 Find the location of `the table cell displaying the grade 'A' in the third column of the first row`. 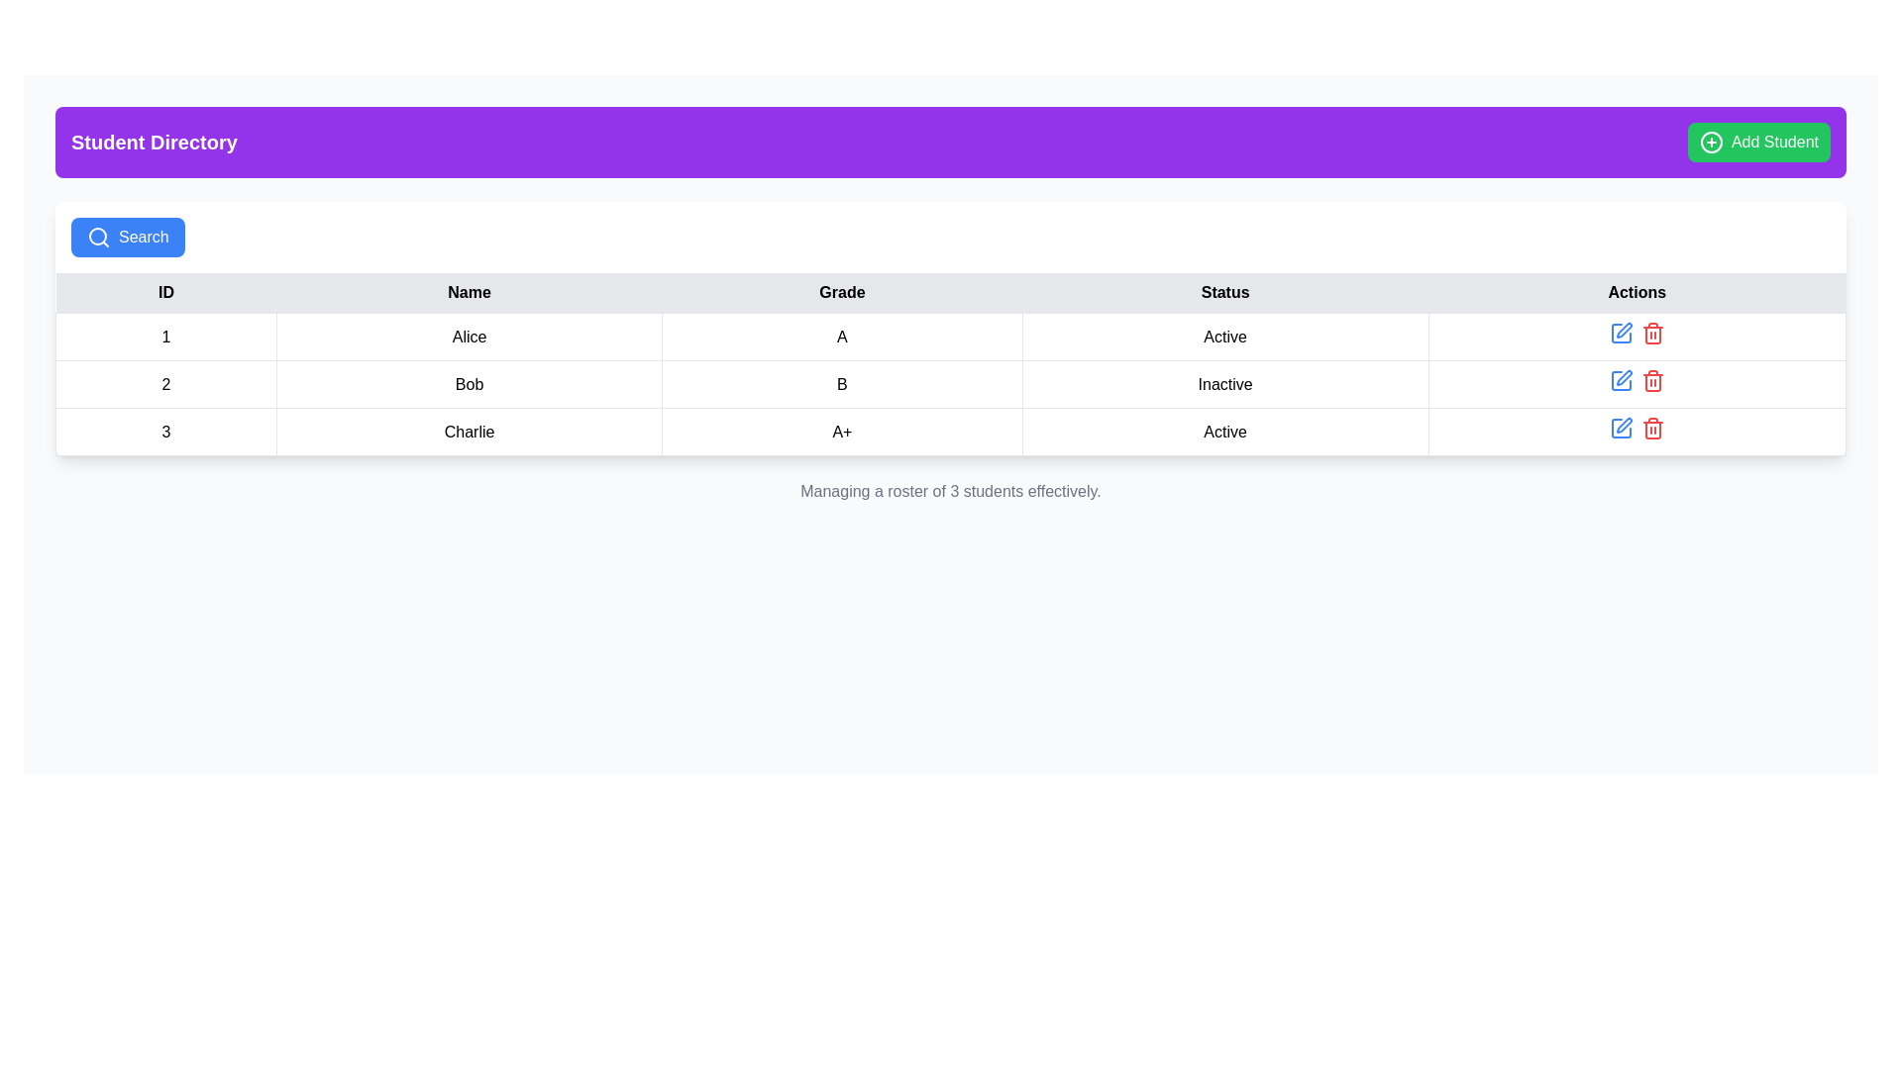

the table cell displaying the grade 'A' in the third column of the first row is located at coordinates (842, 336).